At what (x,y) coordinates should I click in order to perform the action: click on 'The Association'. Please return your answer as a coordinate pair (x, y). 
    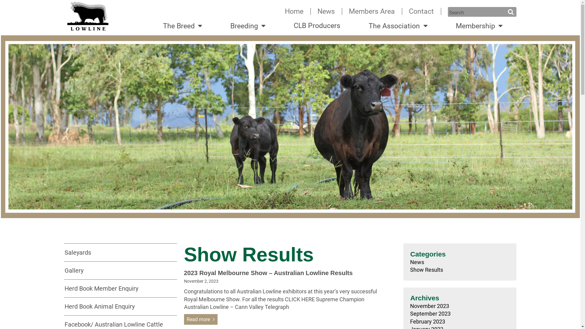
    Looking at the image, I should click on (398, 26).